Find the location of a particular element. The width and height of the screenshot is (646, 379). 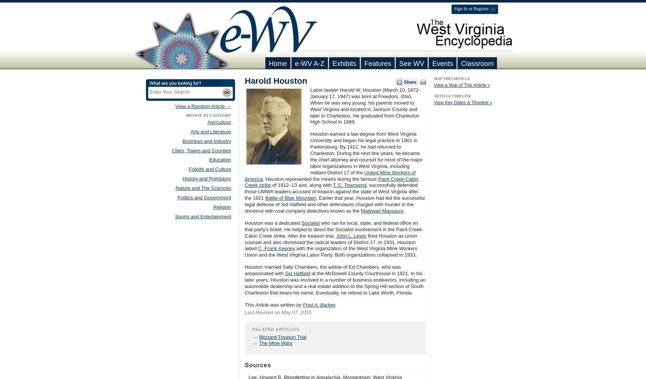

'Paint Creek-Cabin Creek strike' is located at coordinates (244, 182).